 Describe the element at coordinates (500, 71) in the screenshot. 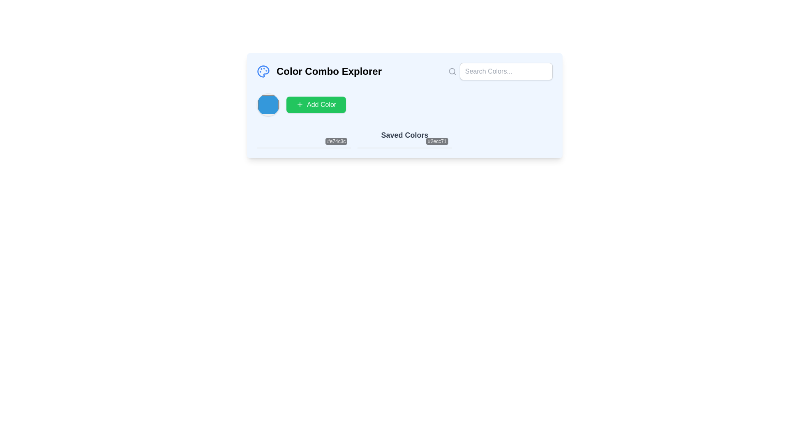

I see `the search bar located at the top-right corner of the 'Color Combo Explorer' header` at that location.